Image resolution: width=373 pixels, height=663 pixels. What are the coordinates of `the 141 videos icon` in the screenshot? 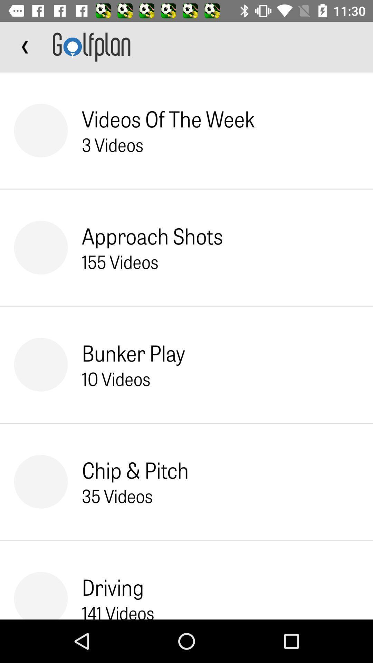 It's located at (118, 610).